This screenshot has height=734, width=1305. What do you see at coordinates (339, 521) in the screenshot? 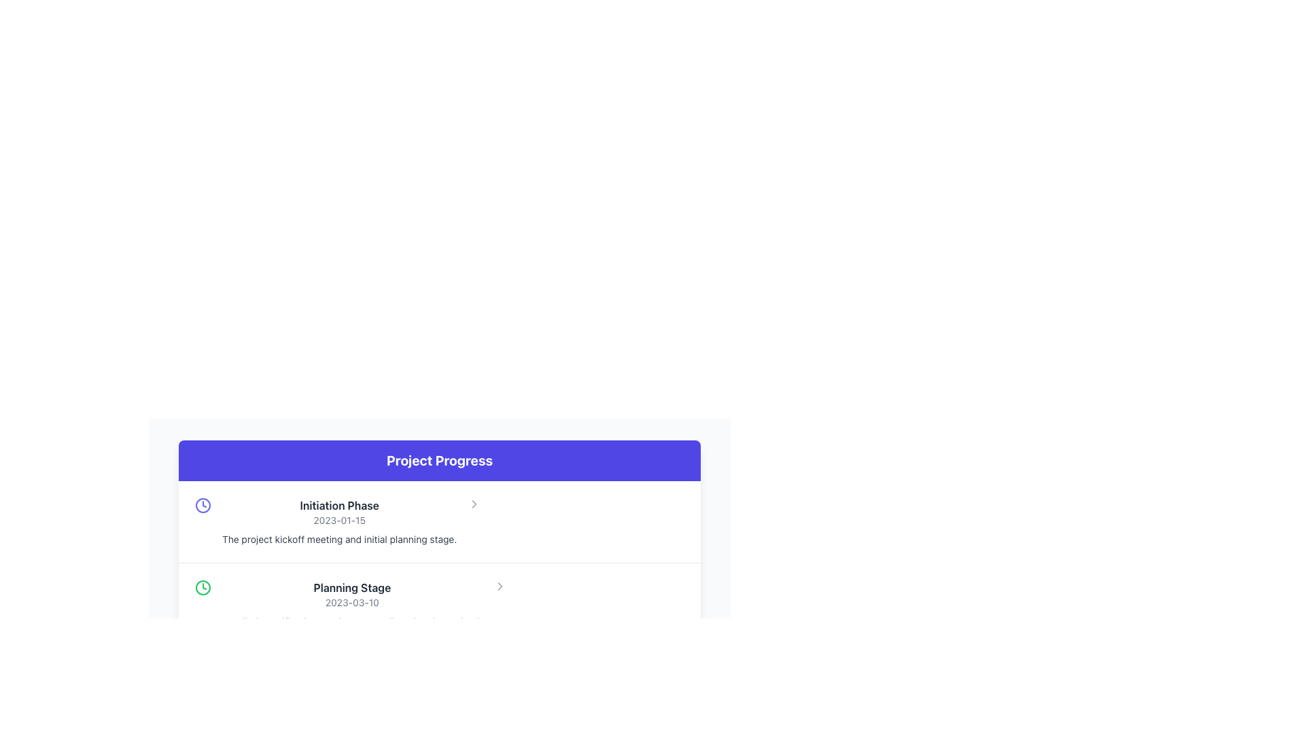
I see `informational text block displaying 'Initiation Phase', which includes the date '2023-01-15' and a description of the project kickoff meeting` at bounding box center [339, 521].